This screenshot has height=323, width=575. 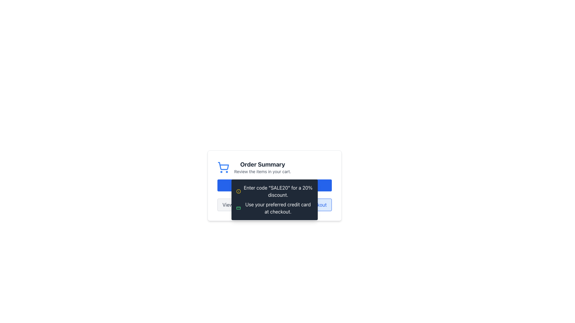 I want to click on the Informational Banner that contains the message 'Enter code "SALE20" for a 20% discount.' and 'Use your preferred credit card at checkout.', so click(x=274, y=199).